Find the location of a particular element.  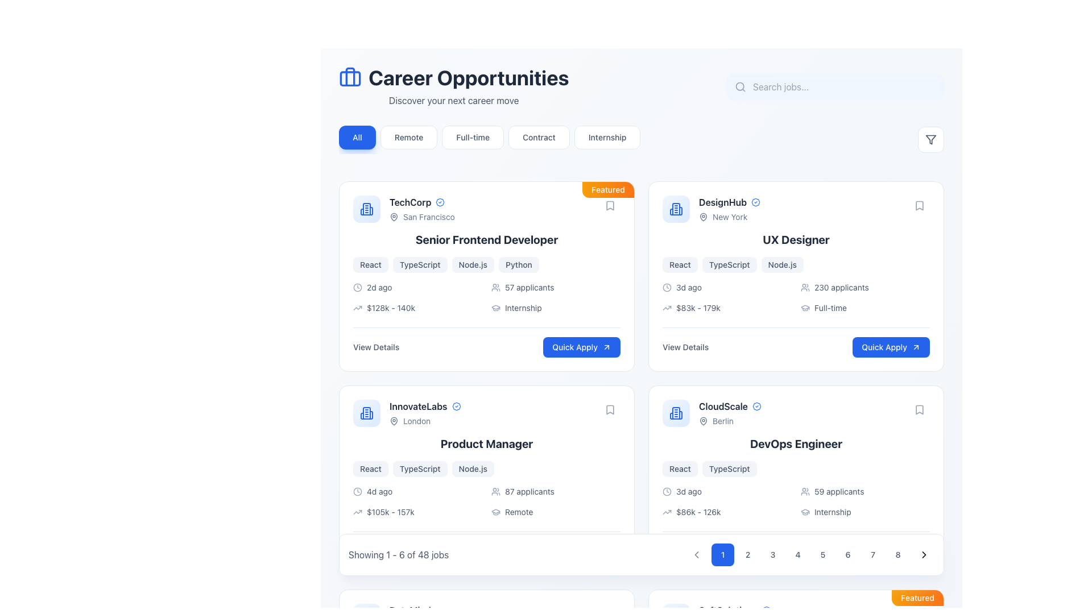

the 'Apply' button located in the bottom-right corner of the 'DesignHub - UX Designer' job listing card is located at coordinates (891, 346).